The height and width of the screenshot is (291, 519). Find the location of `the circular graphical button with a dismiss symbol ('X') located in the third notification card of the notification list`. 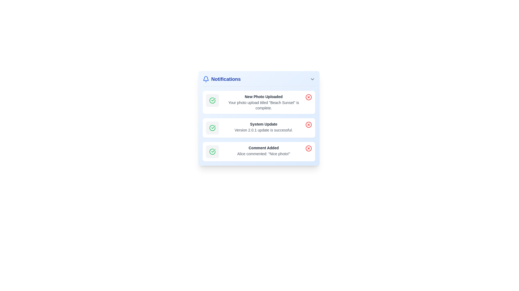

the circular graphical button with a dismiss symbol ('X') located in the third notification card of the notification list is located at coordinates (308, 148).